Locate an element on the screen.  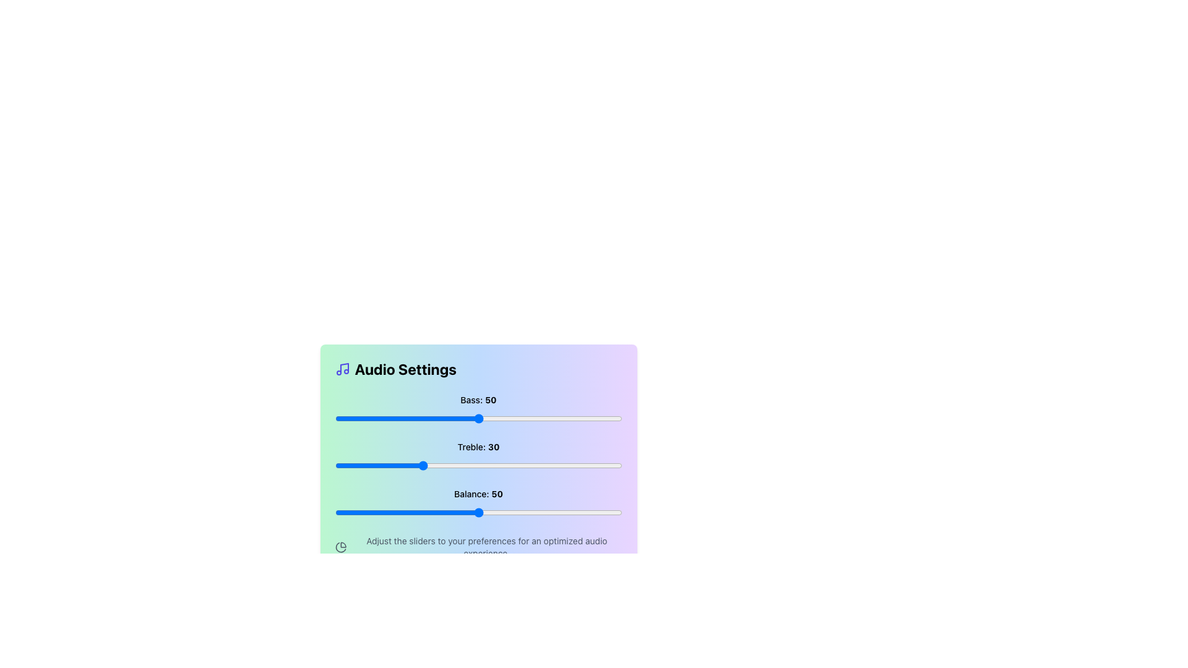
the bass level is located at coordinates (510, 418).